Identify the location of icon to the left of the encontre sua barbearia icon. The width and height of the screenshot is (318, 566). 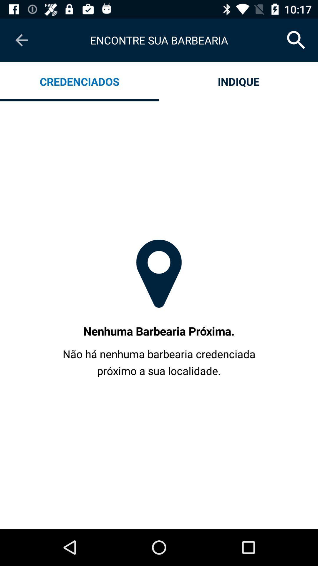
(21, 40).